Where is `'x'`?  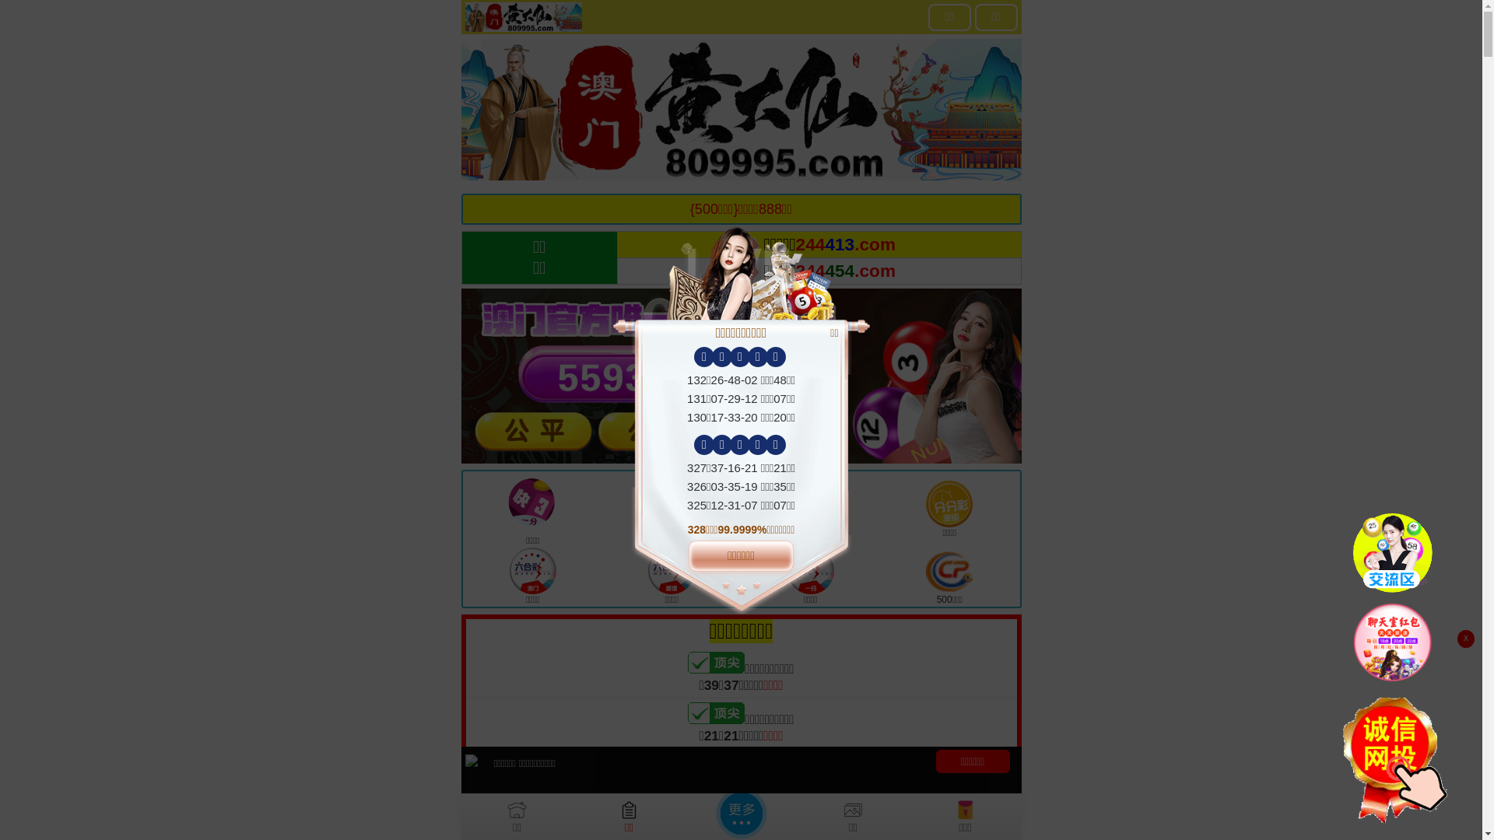
'x' is located at coordinates (1464, 639).